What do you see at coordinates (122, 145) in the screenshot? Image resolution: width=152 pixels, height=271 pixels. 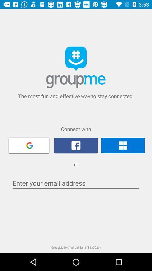 I see `icon above the or icon` at bounding box center [122, 145].